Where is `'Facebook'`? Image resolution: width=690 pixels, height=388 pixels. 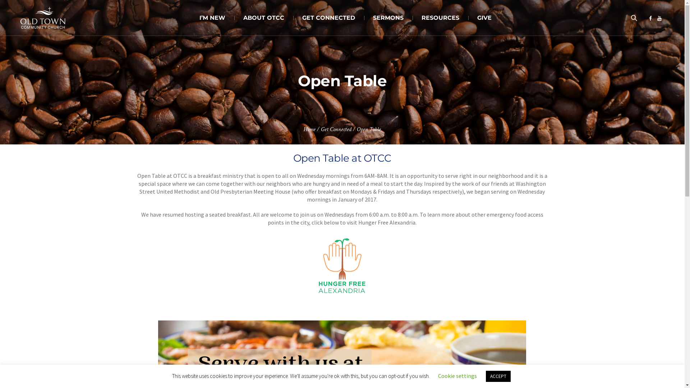 'Facebook' is located at coordinates (650, 18).